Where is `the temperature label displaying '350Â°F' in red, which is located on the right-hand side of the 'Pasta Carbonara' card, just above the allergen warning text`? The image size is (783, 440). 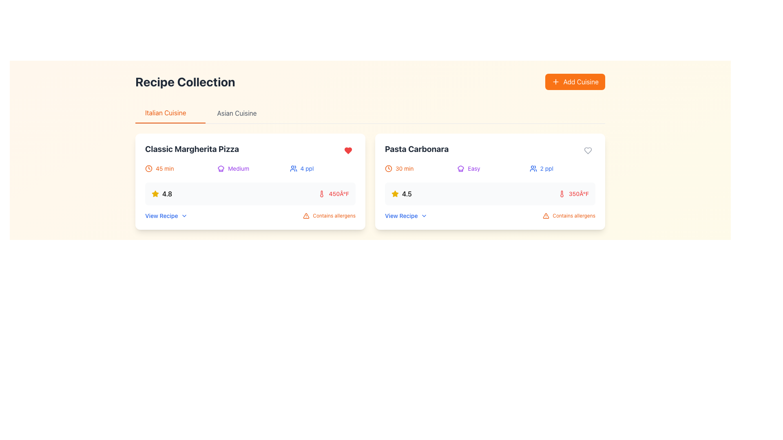
the temperature label displaying '350Â°F' in red, which is located on the right-hand side of the 'Pasta Carbonara' card, just above the allergen warning text is located at coordinates (578, 194).